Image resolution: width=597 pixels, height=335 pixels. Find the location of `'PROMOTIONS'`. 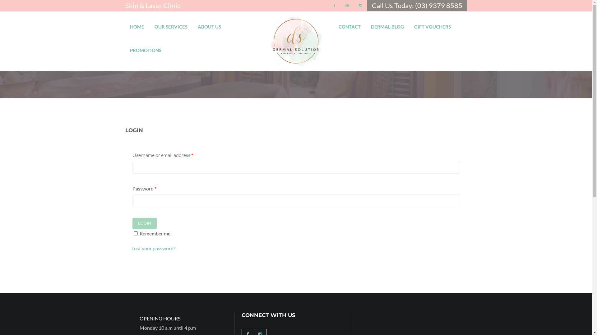

'PROMOTIONS' is located at coordinates (145, 47).